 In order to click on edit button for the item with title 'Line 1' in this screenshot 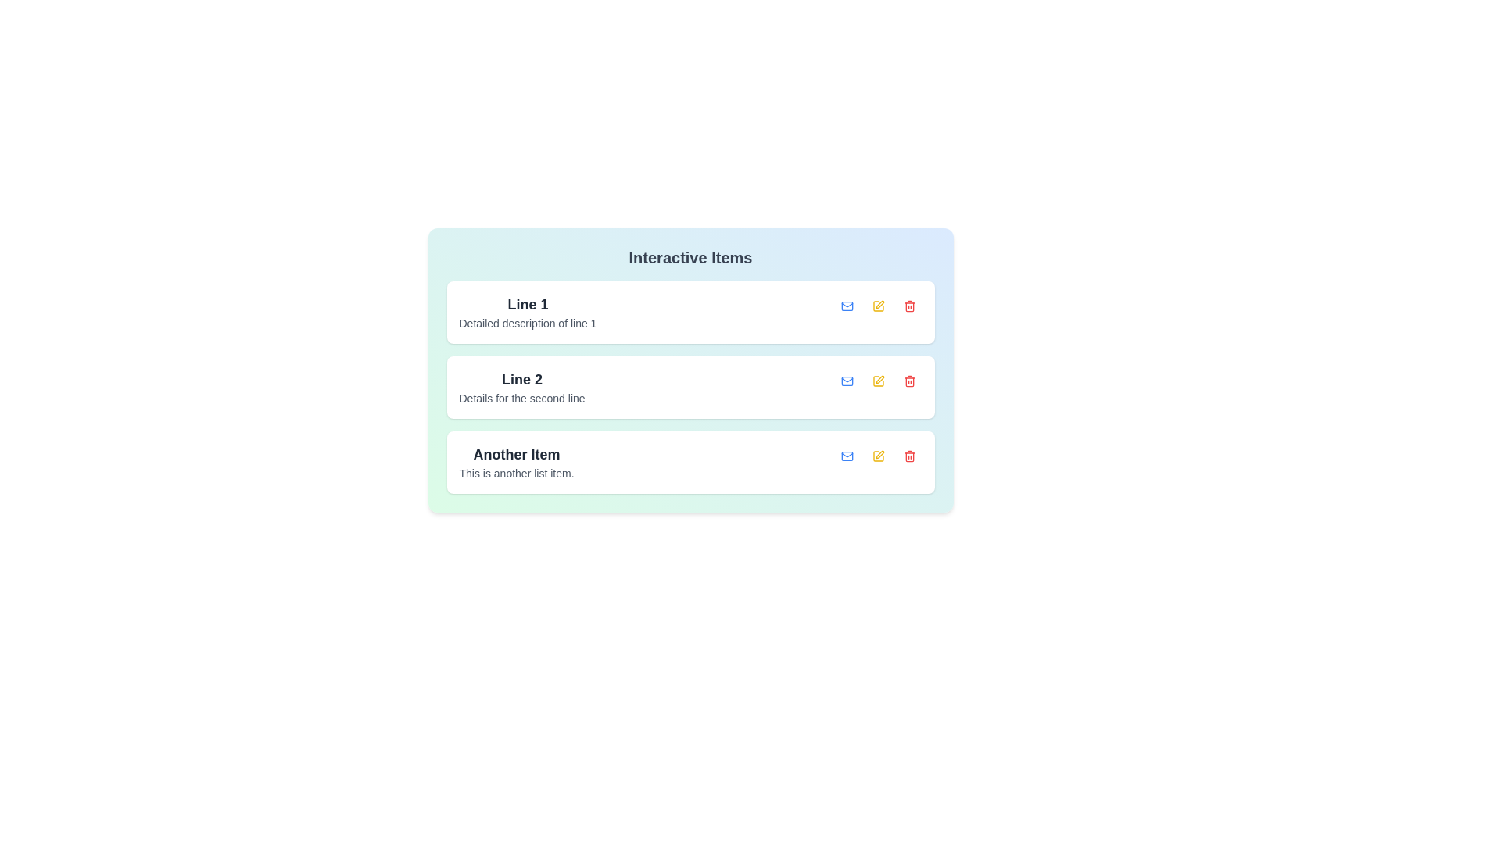, I will do `click(878, 306)`.